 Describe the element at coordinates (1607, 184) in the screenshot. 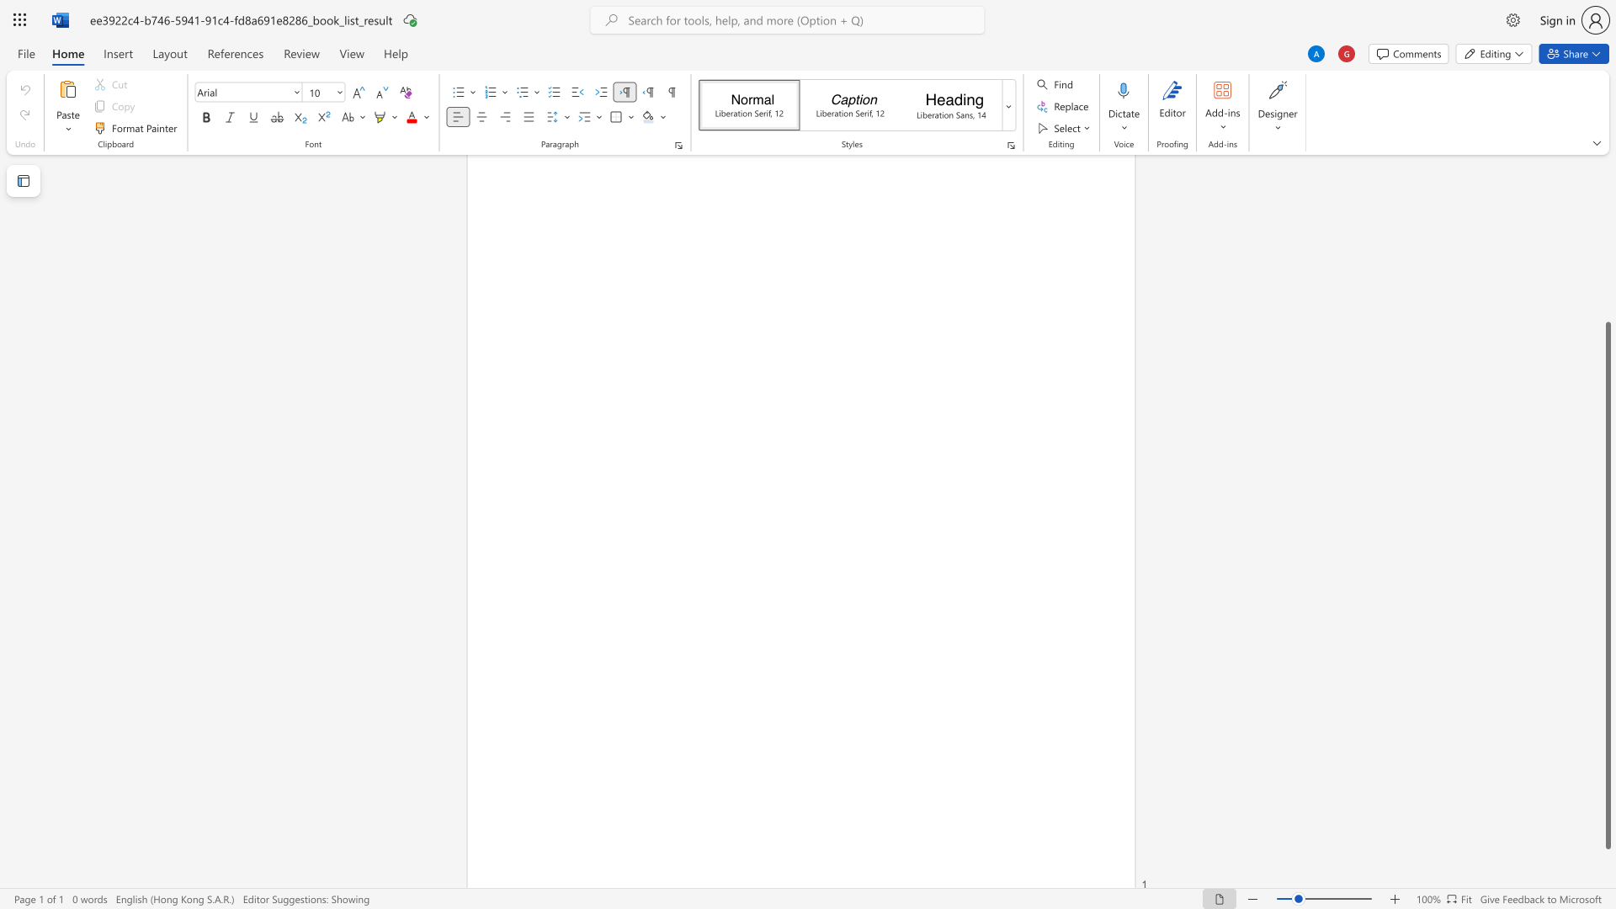

I see `the scrollbar to move the content higher` at that location.